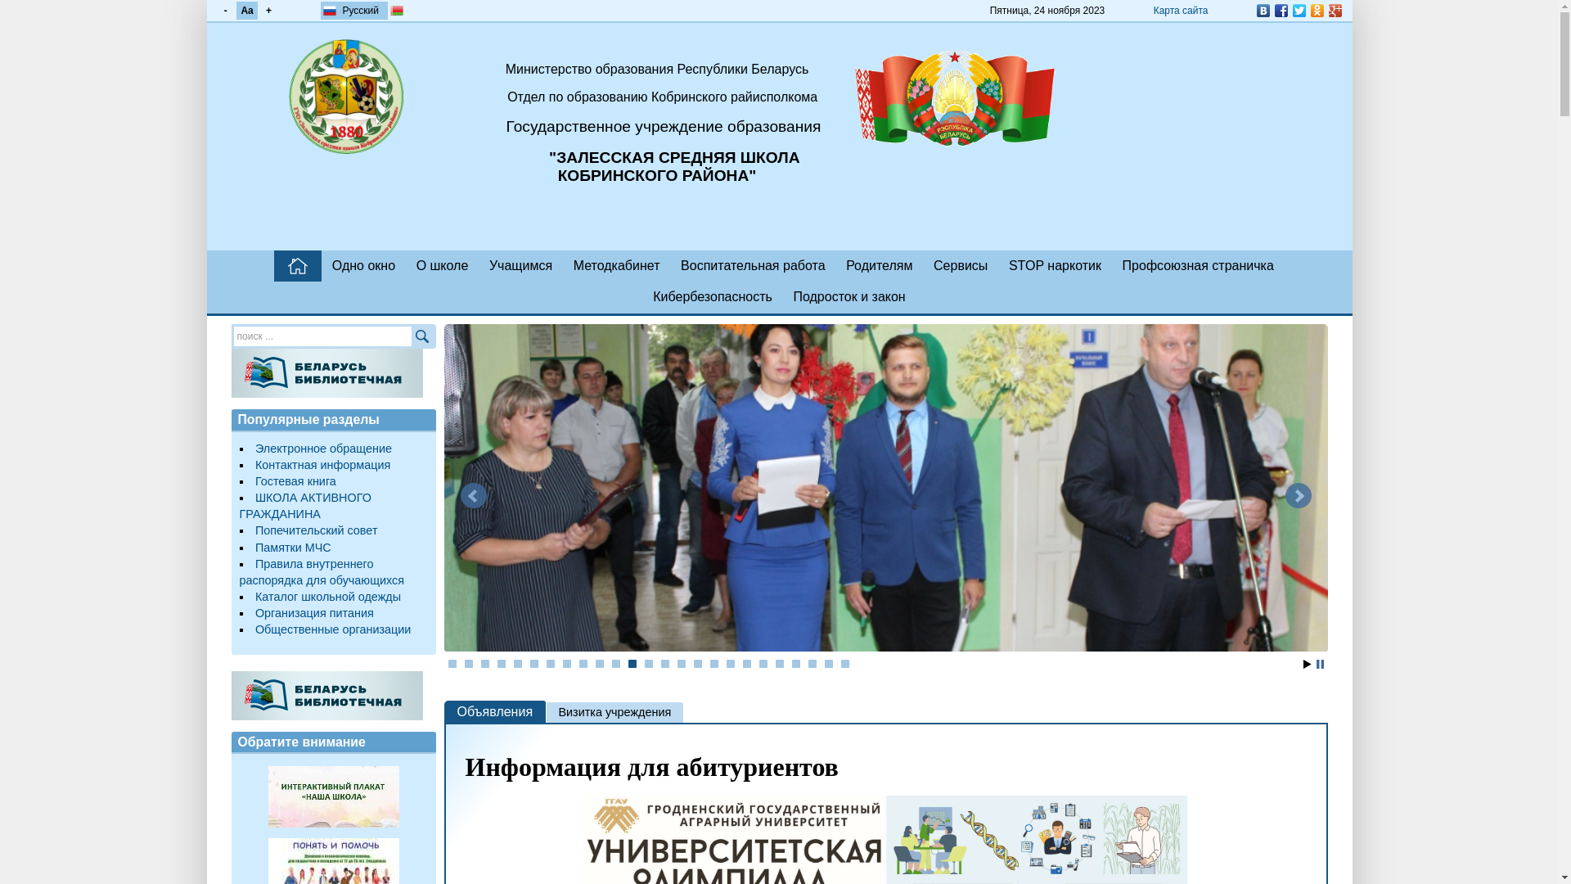  What do you see at coordinates (1271, 10) in the screenshot?
I see `'Facebook'` at bounding box center [1271, 10].